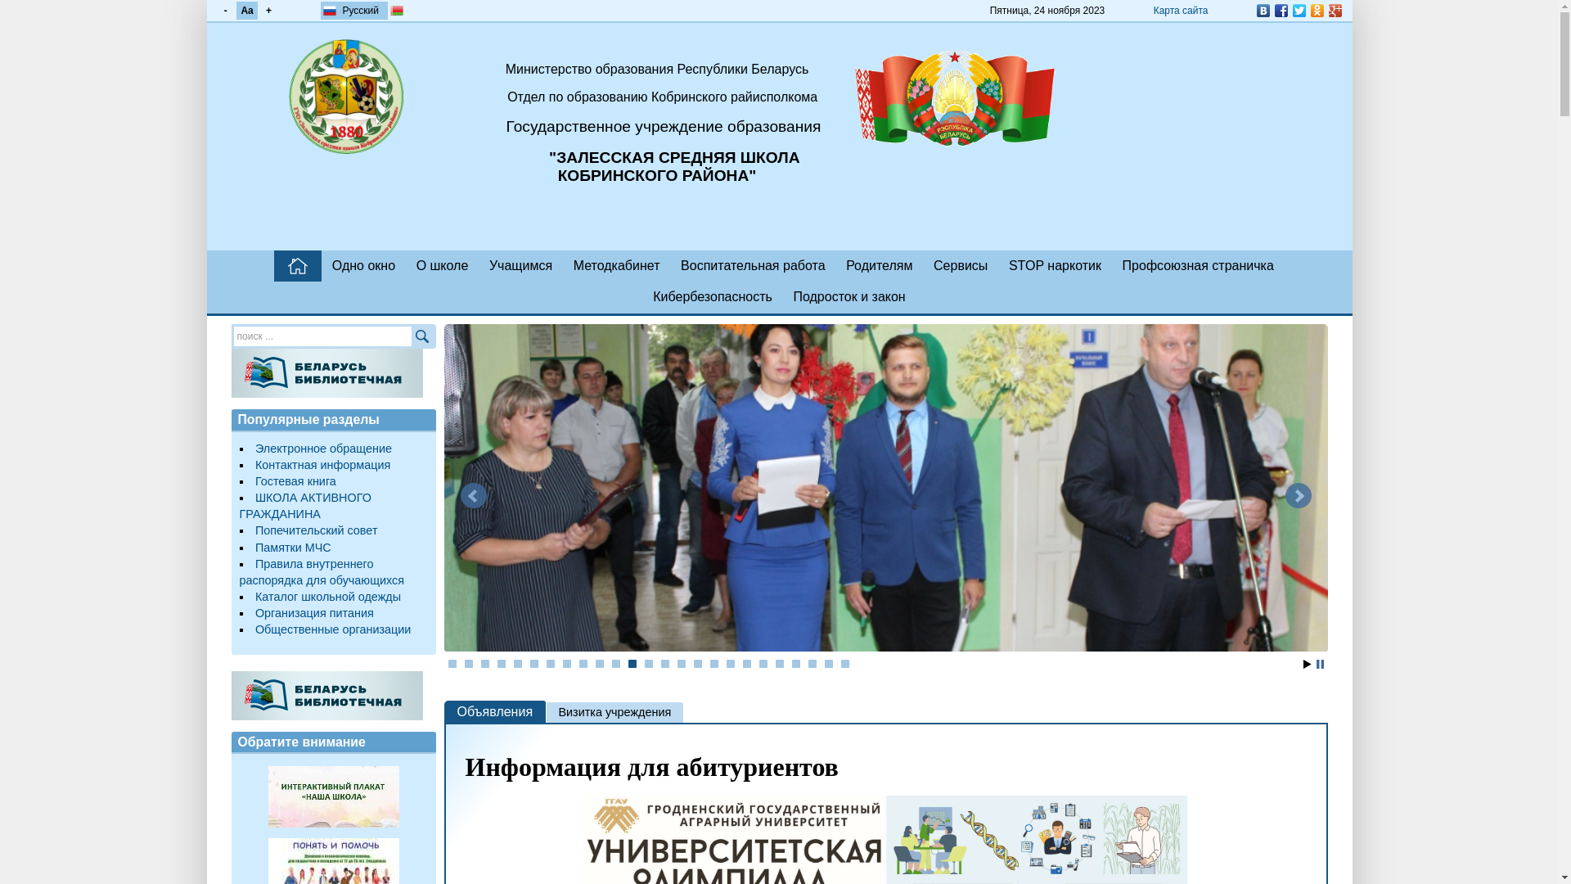  What do you see at coordinates (1271, 10) in the screenshot?
I see `'Facebook'` at bounding box center [1271, 10].